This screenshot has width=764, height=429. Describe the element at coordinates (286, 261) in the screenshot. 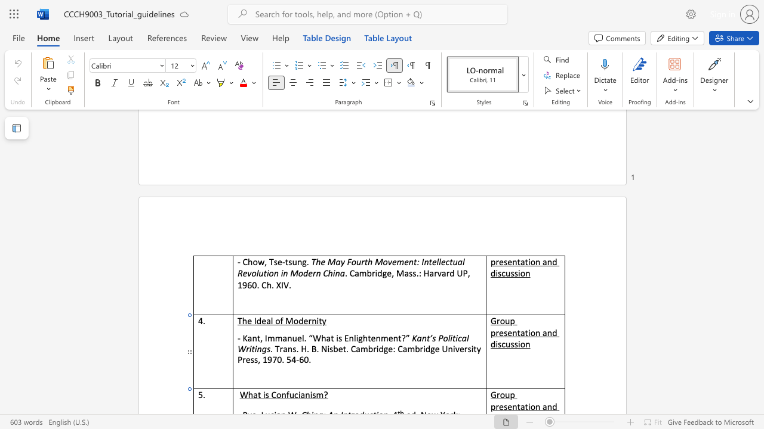

I see `the 1th character "t" in the text` at that location.